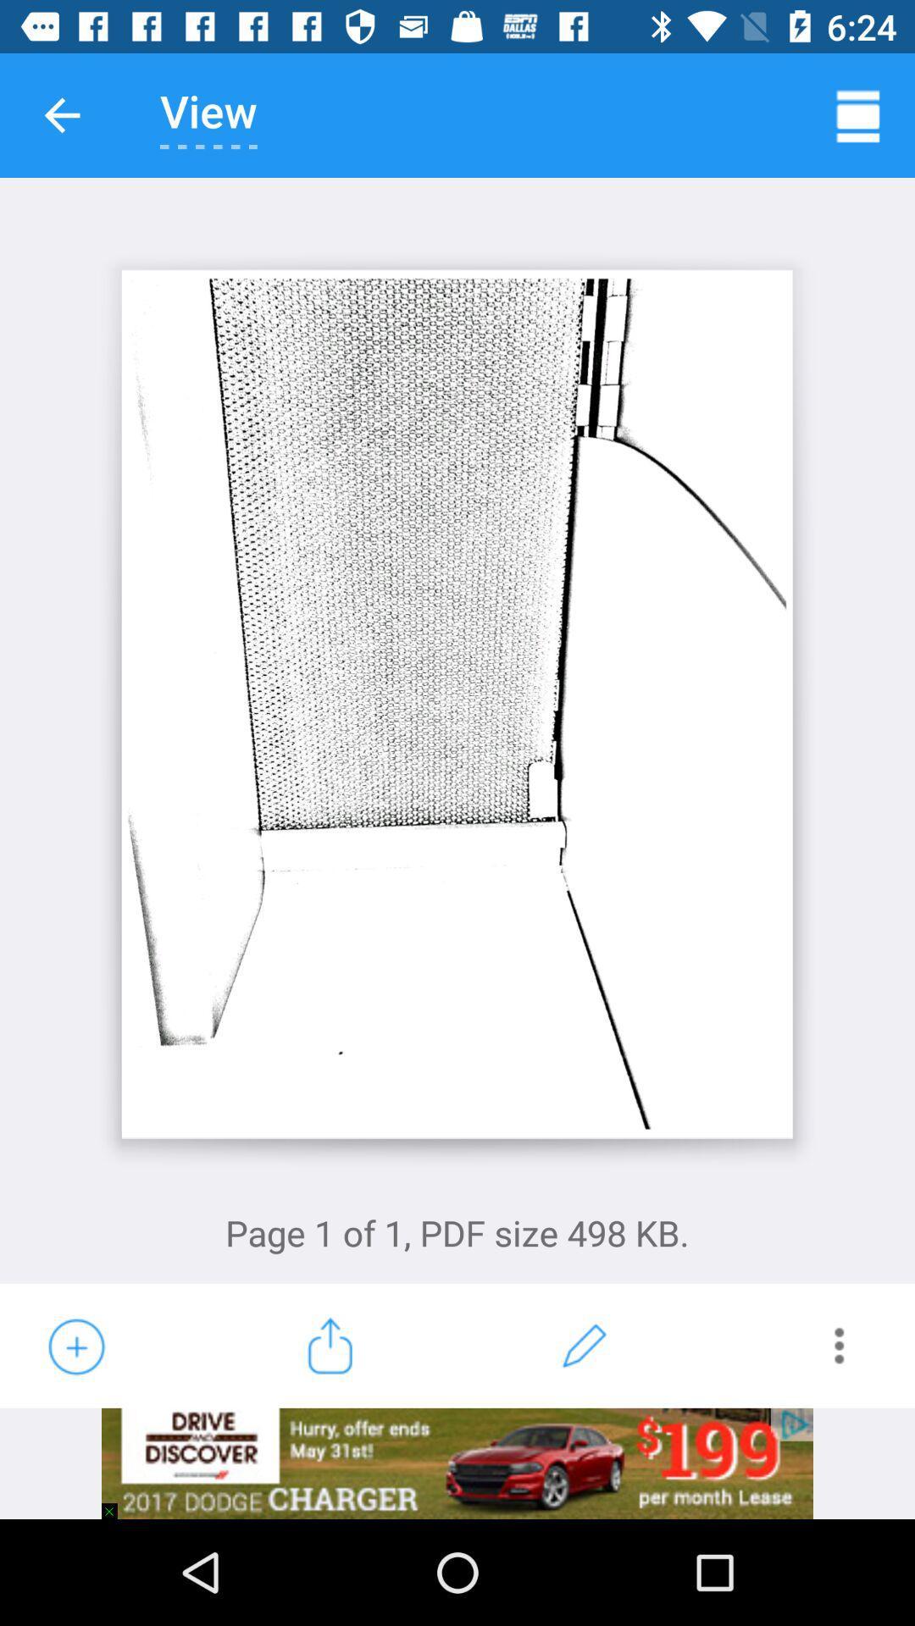 The image size is (915, 1626). Describe the element at coordinates (330, 1345) in the screenshot. I see `the launch icon` at that location.